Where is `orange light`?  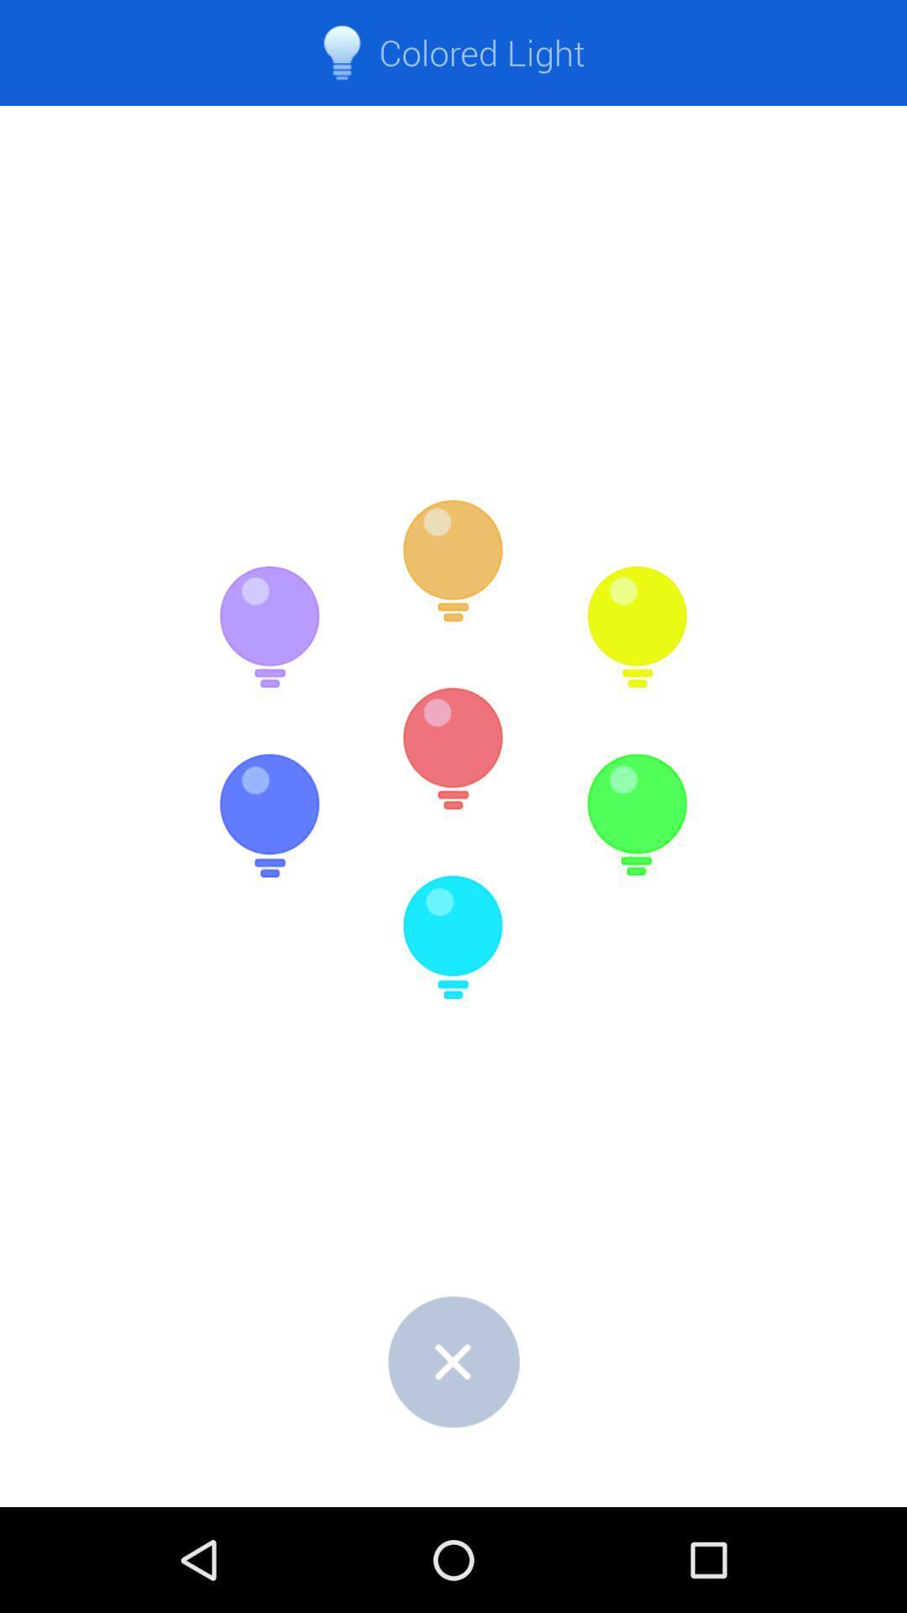
orange light is located at coordinates (453, 561).